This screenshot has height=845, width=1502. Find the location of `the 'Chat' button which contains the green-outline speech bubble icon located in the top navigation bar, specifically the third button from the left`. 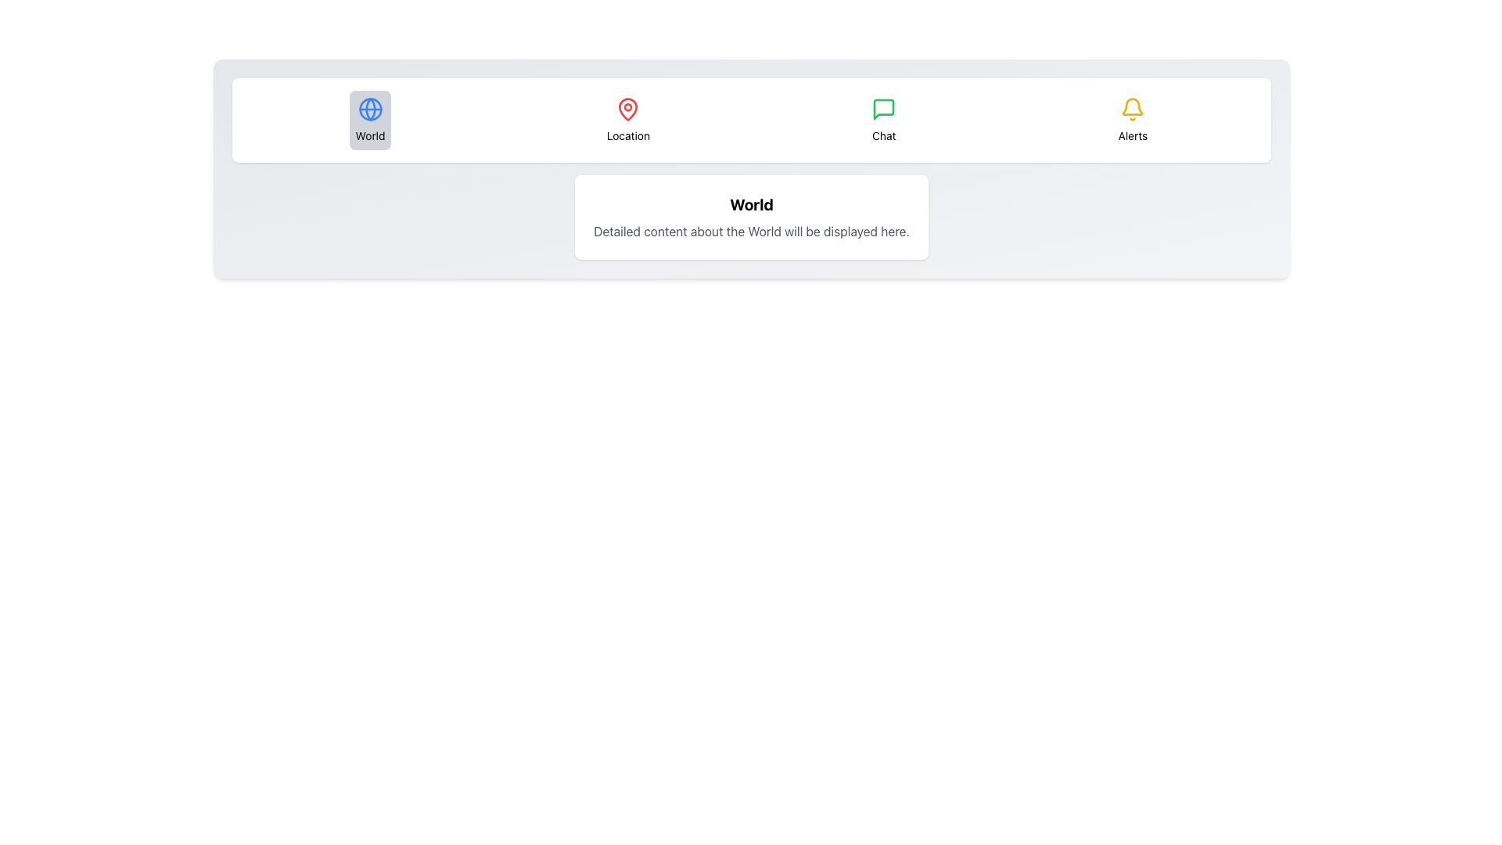

the 'Chat' button which contains the green-outline speech bubble icon located in the top navigation bar, specifically the third button from the left is located at coordinates (884, 108).